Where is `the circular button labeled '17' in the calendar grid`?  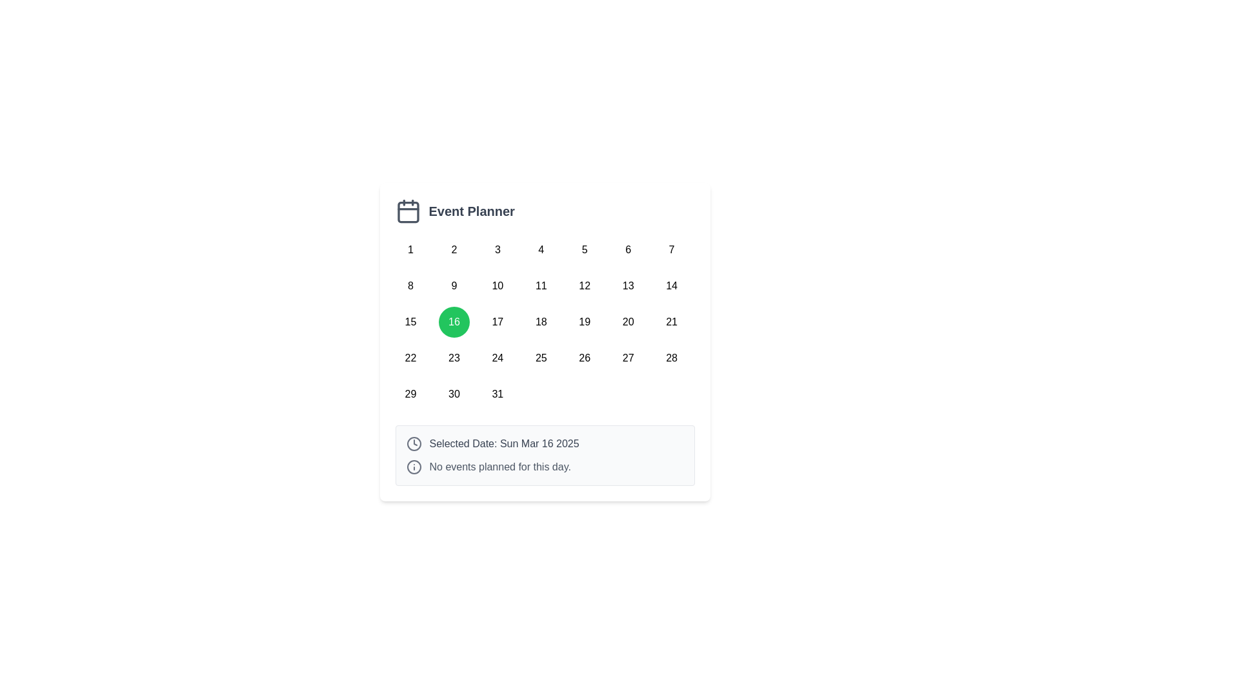
the circular button labeled '17' in the calendar grid is located at coordinates (497, 322).